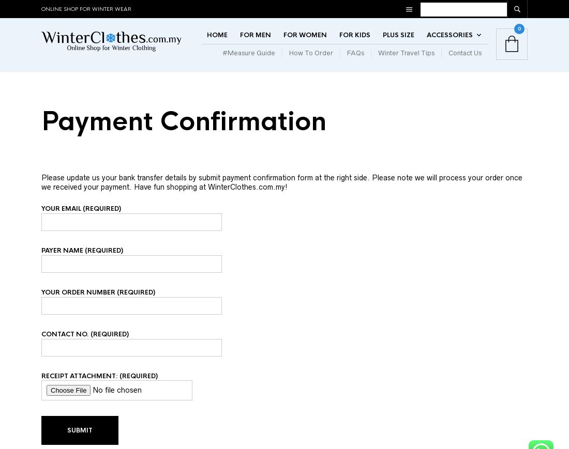 This screenshot has width=569, height=449. Describe the element at coordinates (282, 201) in the screenshot. I see `'Please update us your bank transfer details by submit payment confirmation form at the right side. Please note we will process your order once we received your payment. Have fun shopping at WinterClothes.com.my!'` at that location.